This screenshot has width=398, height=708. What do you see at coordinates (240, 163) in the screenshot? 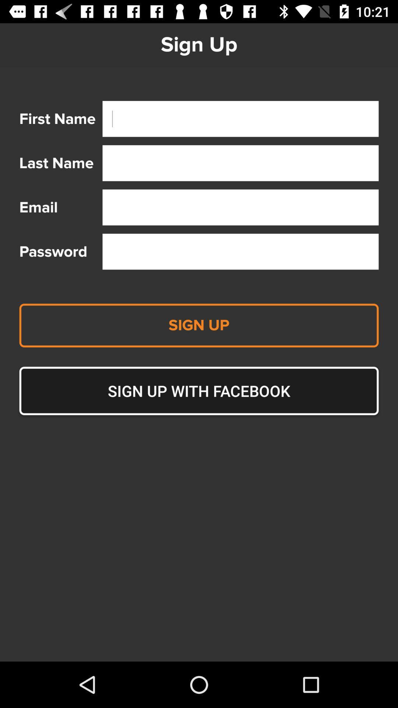
I see `search bar` at bounding box center [240, 163].